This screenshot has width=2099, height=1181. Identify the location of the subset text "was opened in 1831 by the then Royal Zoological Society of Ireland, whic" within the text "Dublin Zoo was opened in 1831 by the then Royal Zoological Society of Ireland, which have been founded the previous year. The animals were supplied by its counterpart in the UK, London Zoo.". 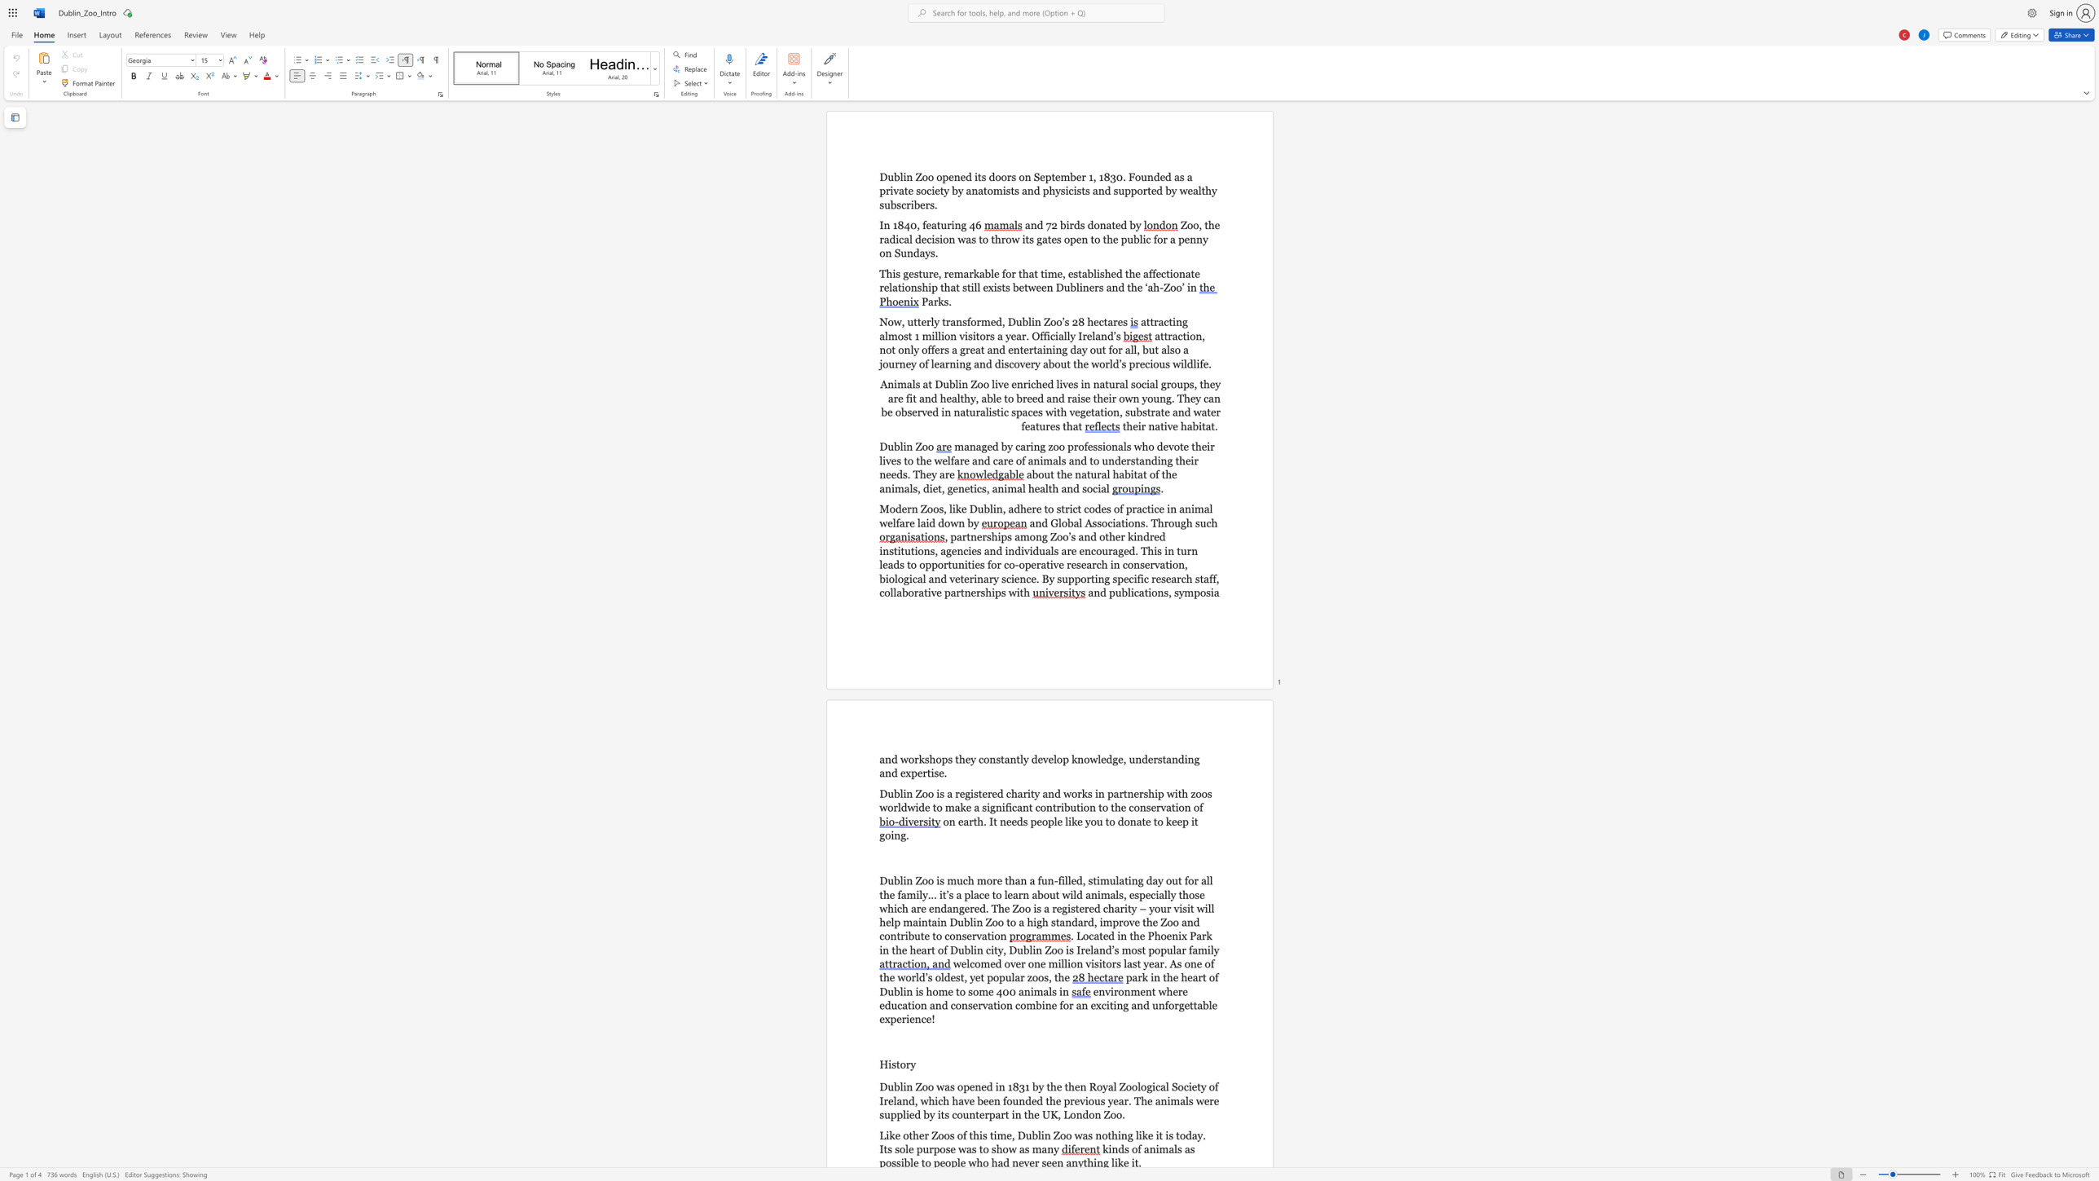
(935, 1086).